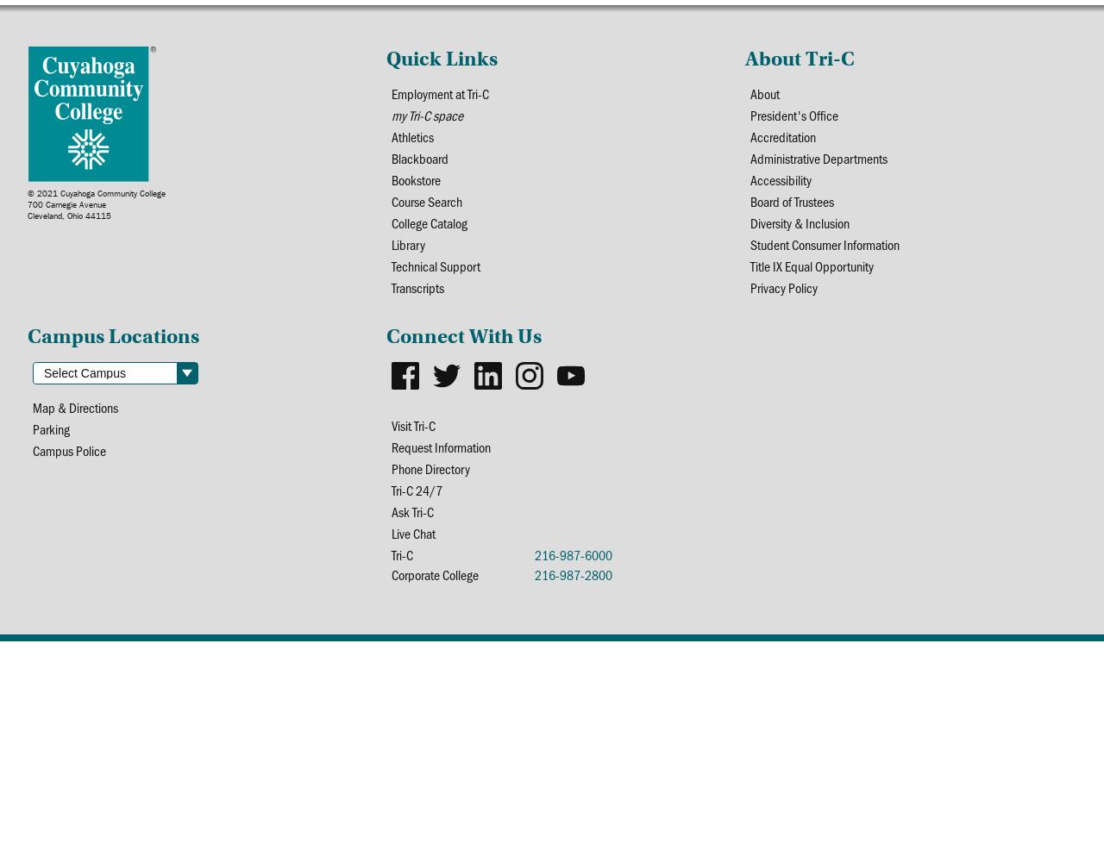  What do you see at coordinates (411, 136) in the screenshot?
I see `'Athletics'` at bounding box center [411, 136].